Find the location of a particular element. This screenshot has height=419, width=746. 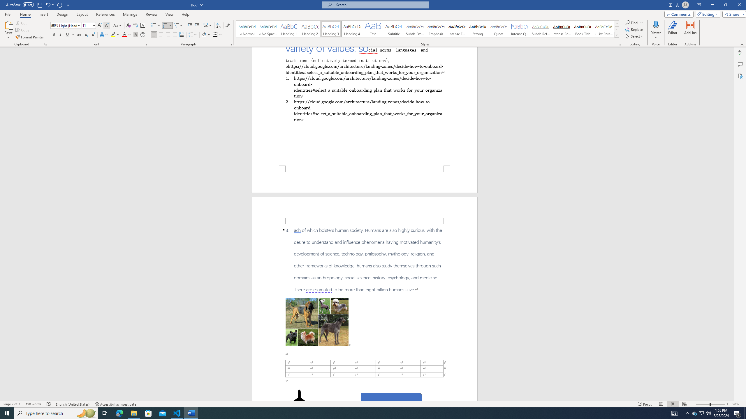

'Undo Paragraph Alignment' is located at coordinates (50, 4).